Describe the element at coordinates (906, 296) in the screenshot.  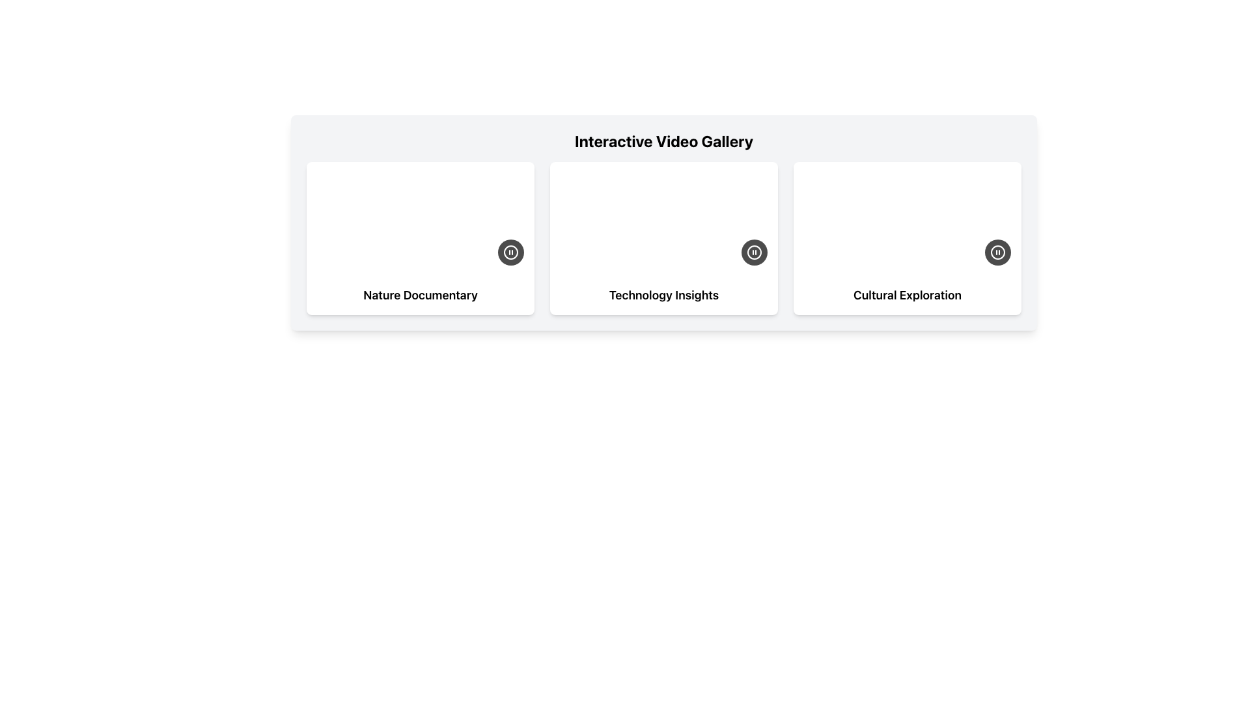
I see `the text label located within the third card component of the interactive video gallery, which serves as a title or caption for the card` at that location.